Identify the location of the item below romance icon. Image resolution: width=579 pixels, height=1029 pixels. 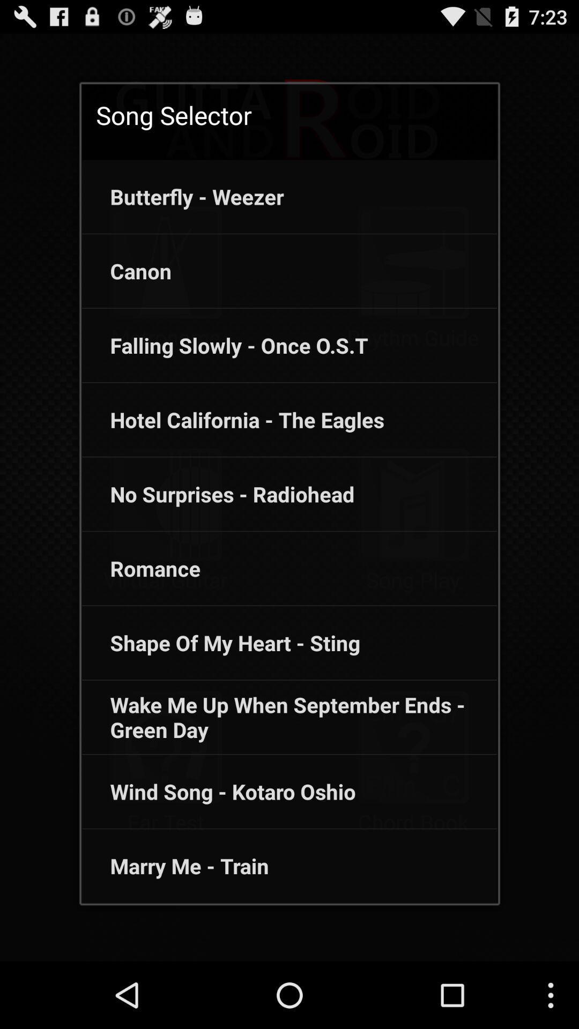
(220, 643).